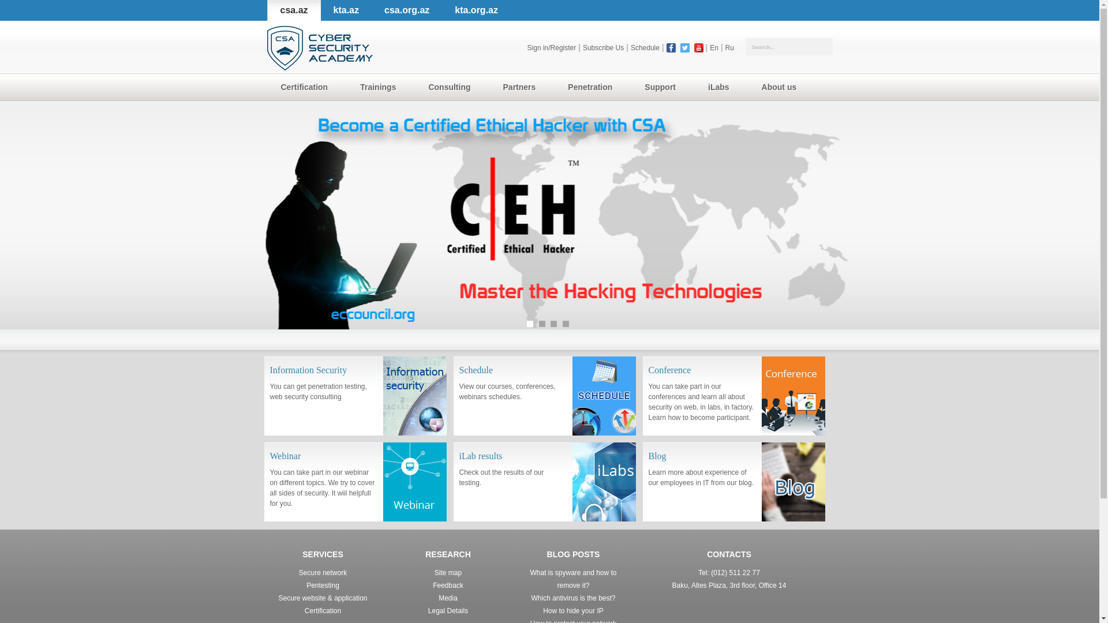 The image size is (1108, 623). I want to click on 'Baku, Altes Plaza, 3rd floor, Office 14', so click(728, 585).